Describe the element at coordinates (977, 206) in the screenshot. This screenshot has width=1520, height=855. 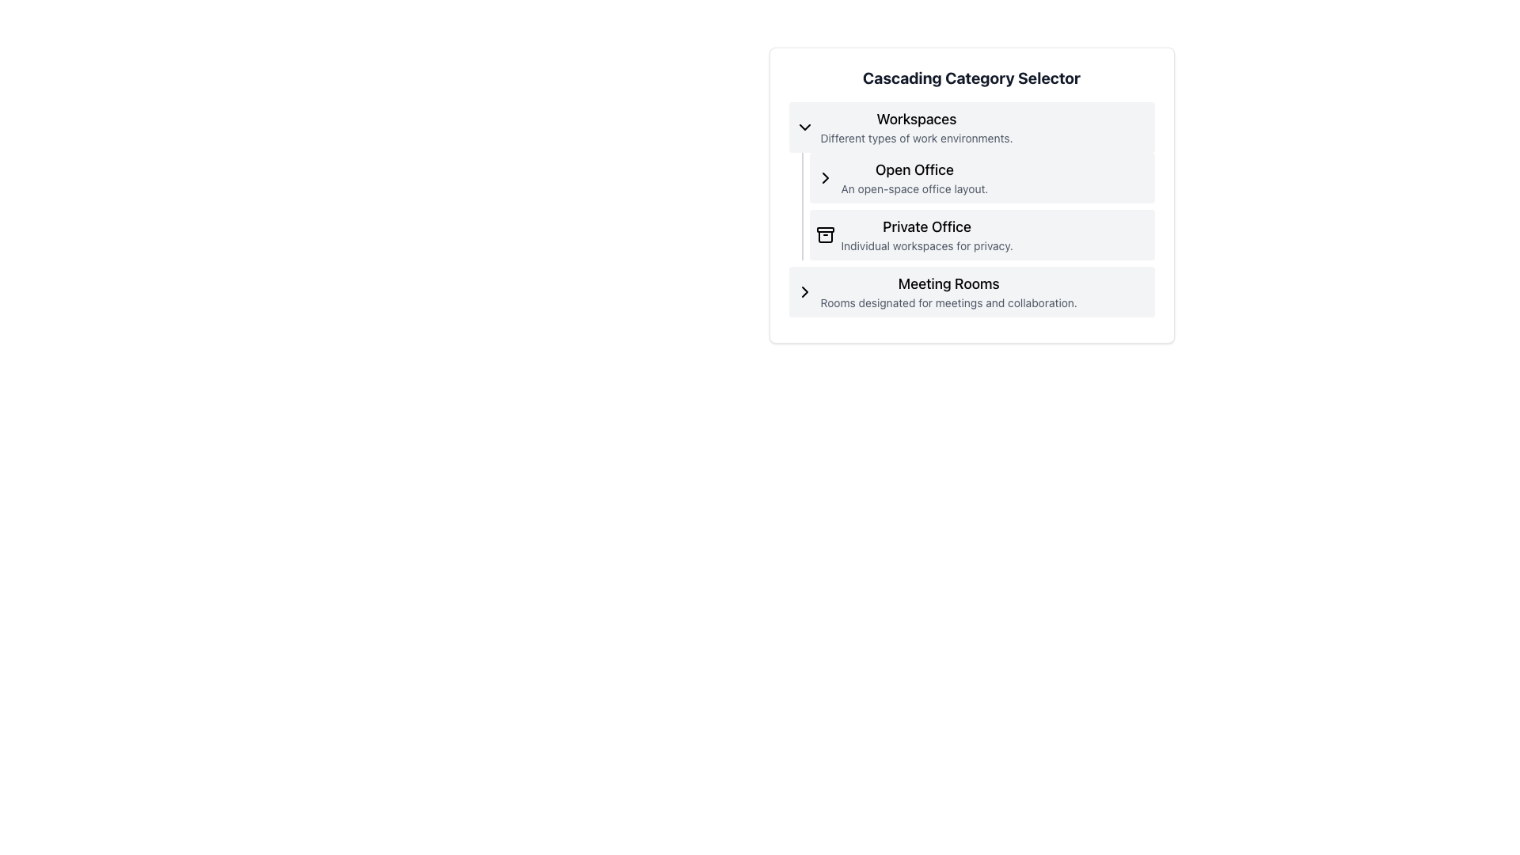
I see `the expandable list item for 'Open Office' and 'Private Office' in the cascading category selector under 'Workspaces'` at that location.